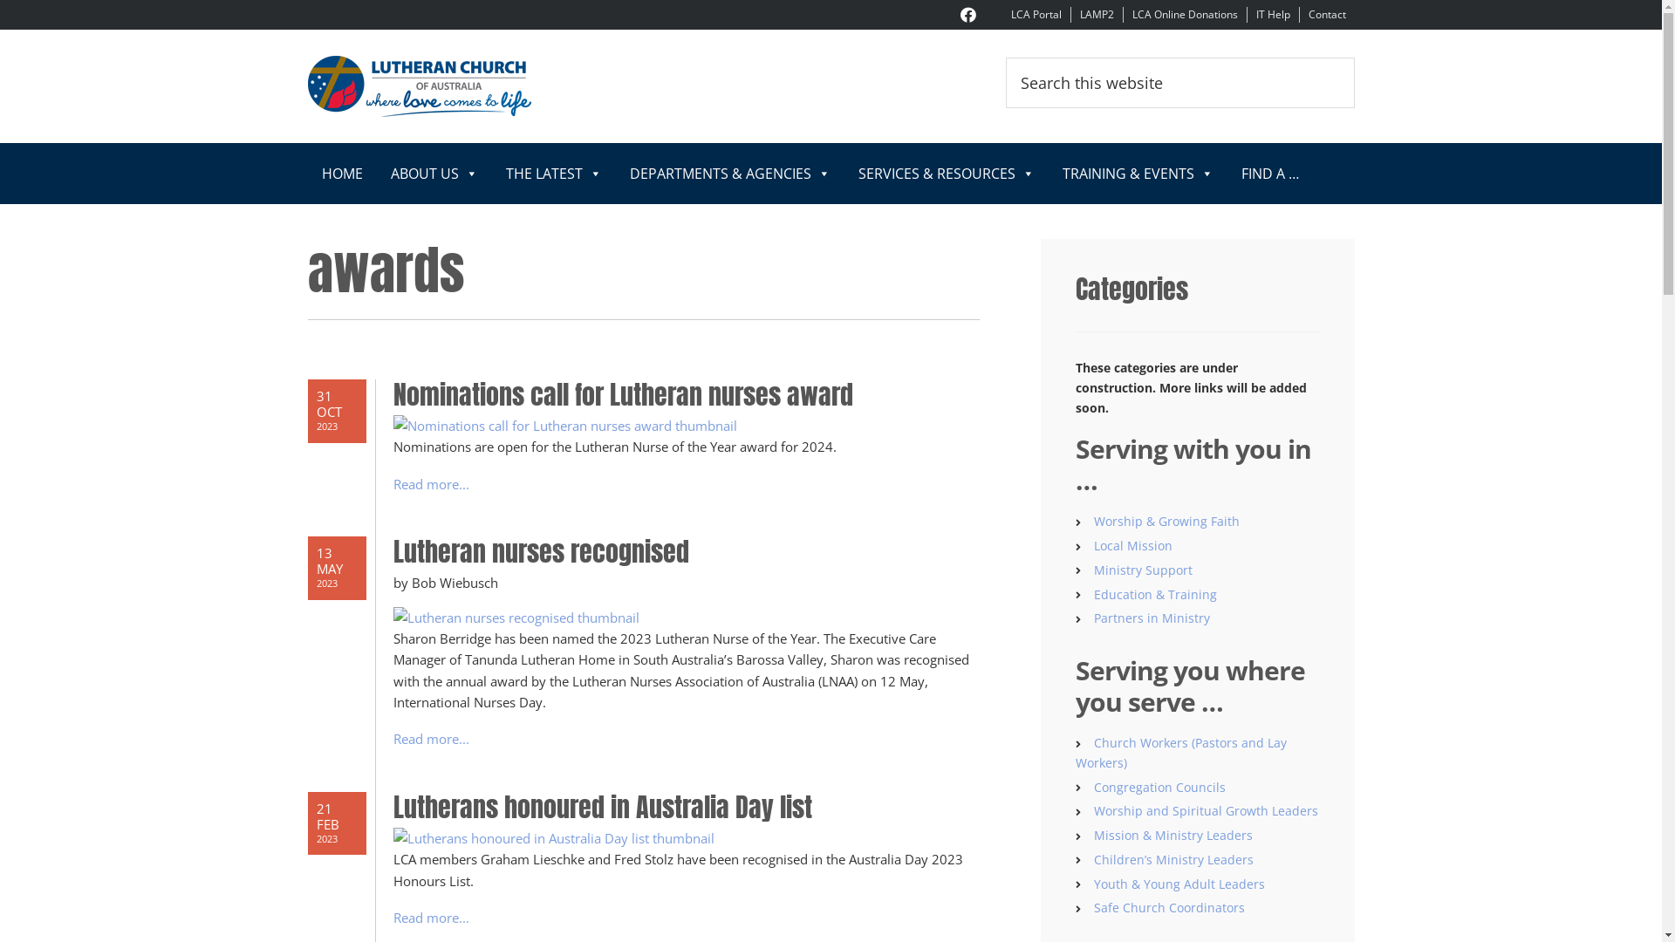 The width and height of the screenshot is (1675, 942). I want to click on 'Mission & Ministry Leaders', so click(1172, 834).